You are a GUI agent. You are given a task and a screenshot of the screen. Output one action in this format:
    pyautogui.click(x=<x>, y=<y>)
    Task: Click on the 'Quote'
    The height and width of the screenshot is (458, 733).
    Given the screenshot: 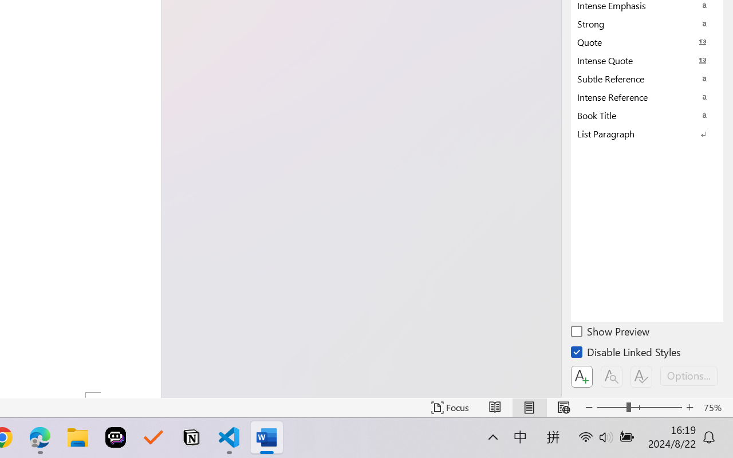 What is the action you would take?
    pyautogui.click(x=647, y=42)
    